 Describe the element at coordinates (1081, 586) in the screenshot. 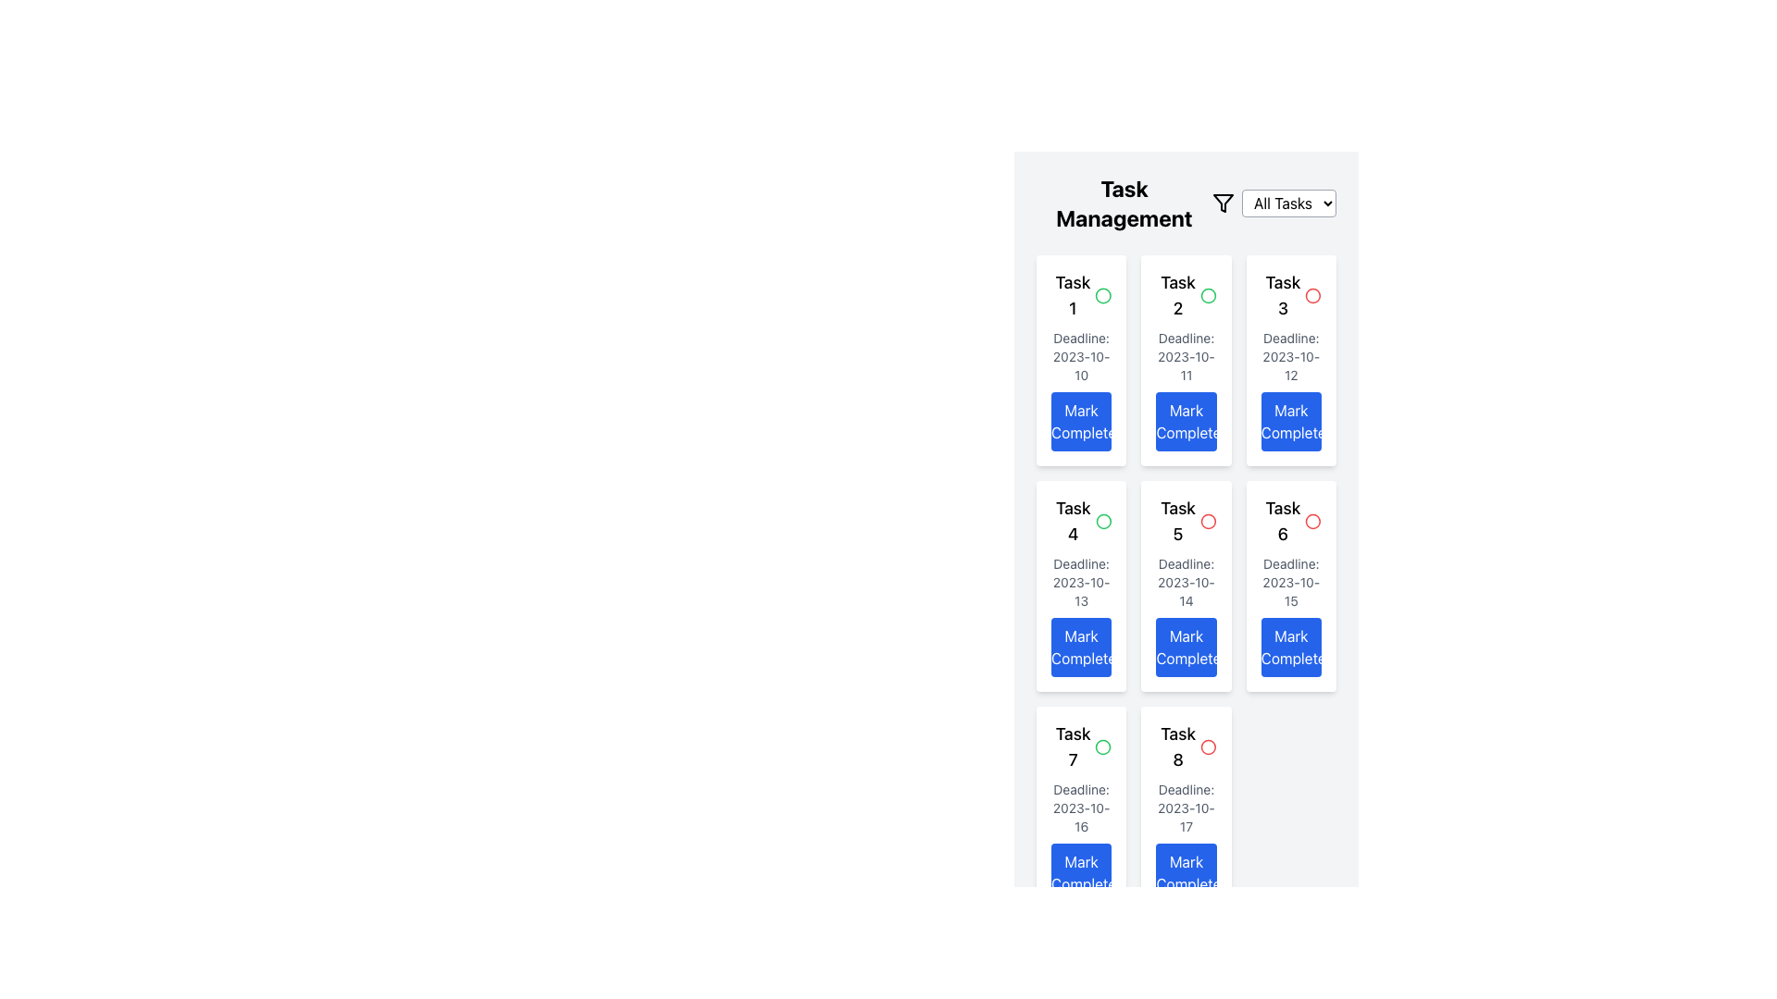

I see `the informative card representing a task item in the task list` at that location.